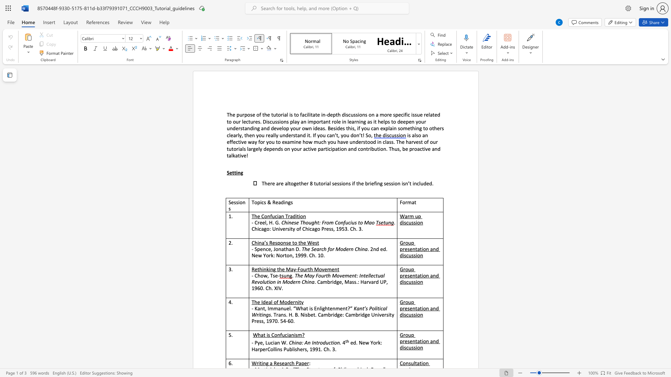 The image size is (671, 377). What do you see at coordinates (303, 121) in the screenshot?
I see `the subset text "n important r" within the text "an important role"` at bounding box center [303, 121].